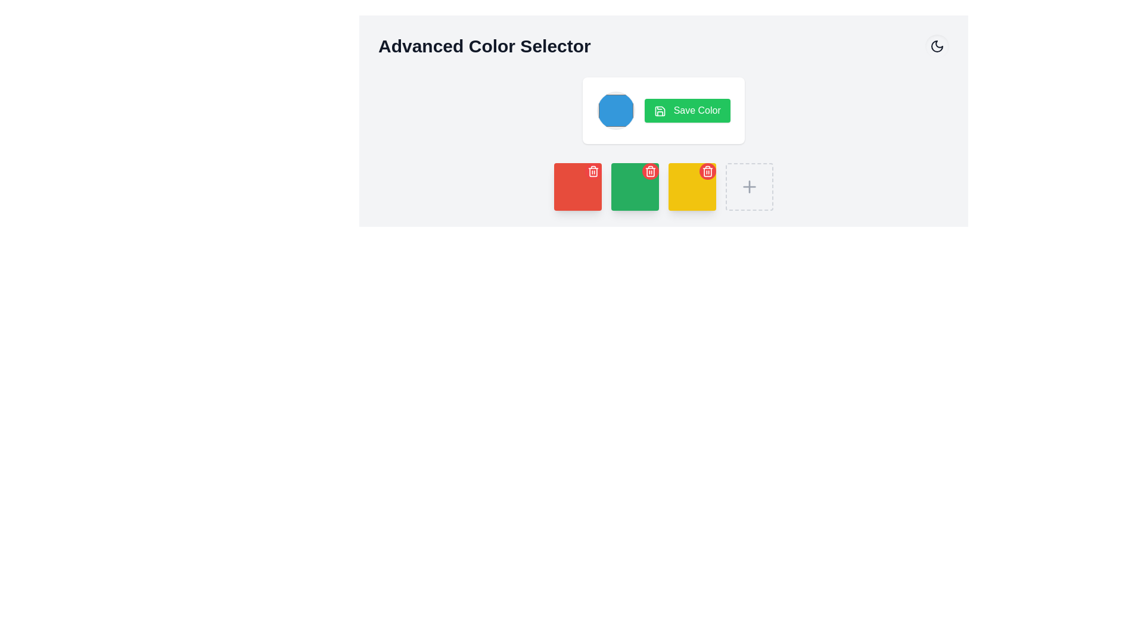 The width and height of the screenshot is (1144, 643). What do you see at coordinates (748, 186) in the screenshot?
I see `the button located at the bottom-right of the grid layout that adds a new item to the collection` at bounding box center [748, 186].